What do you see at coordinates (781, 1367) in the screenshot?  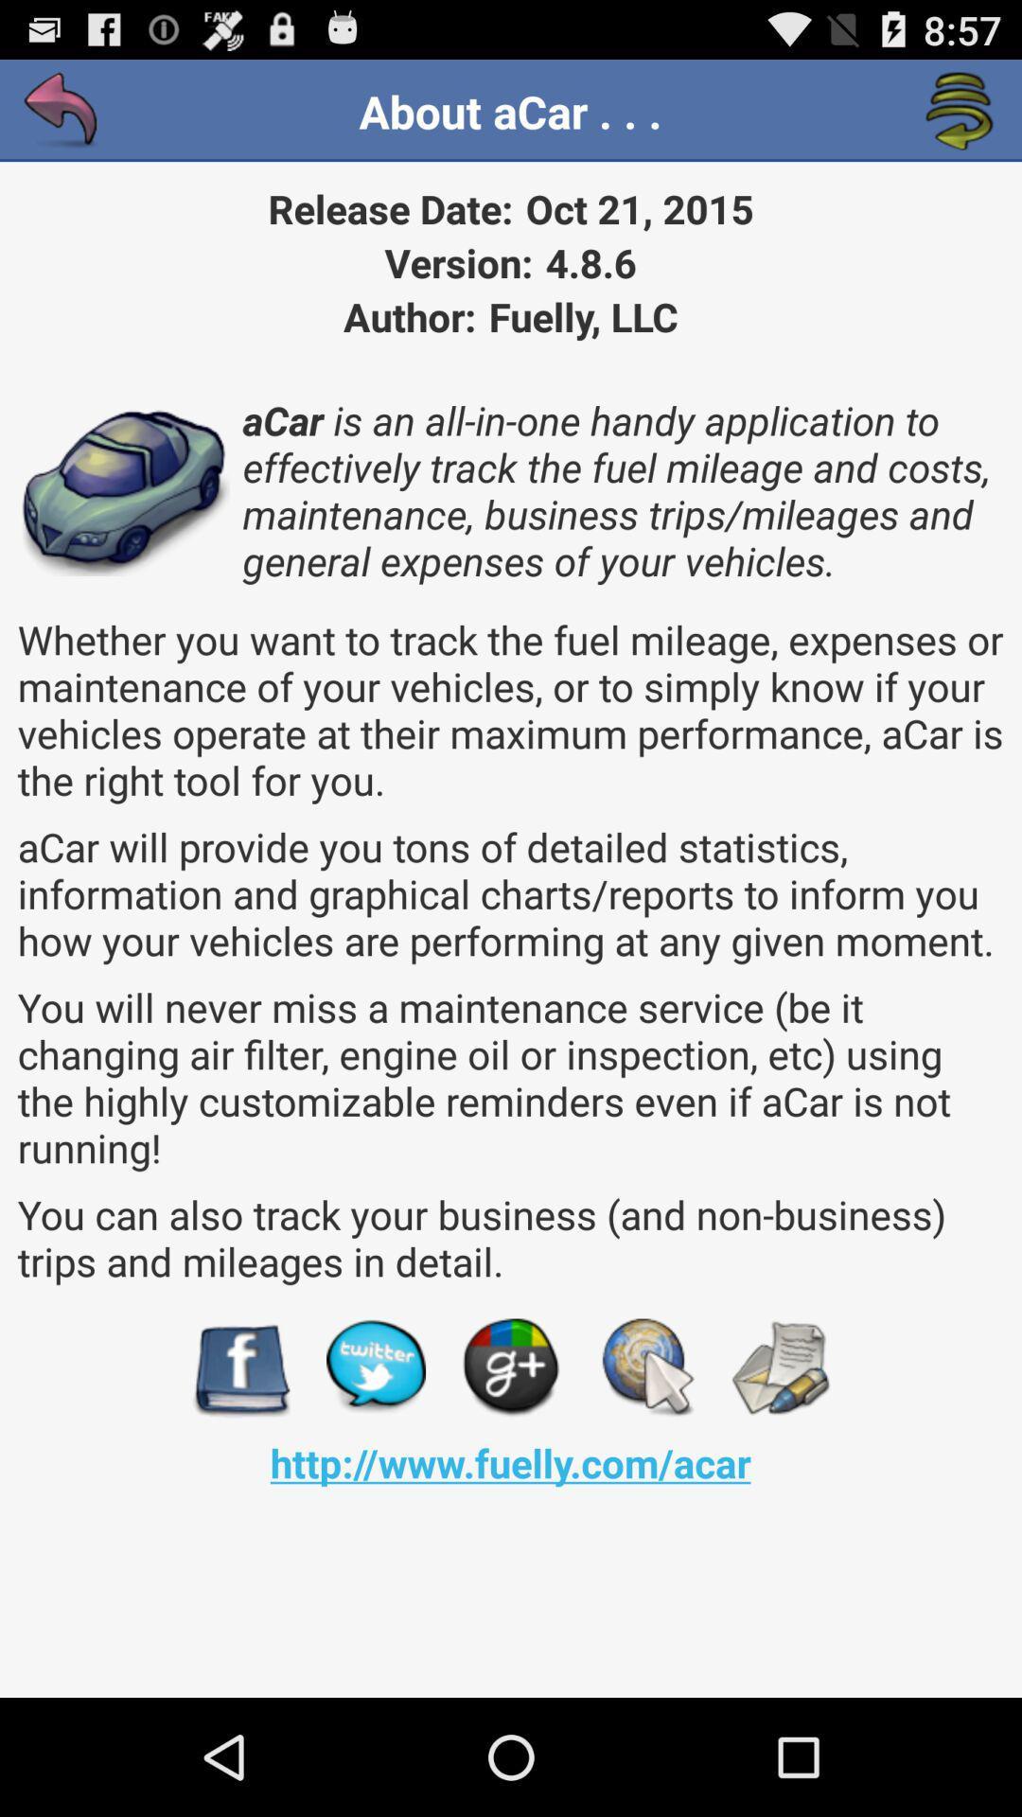 I see `email` at bounding box center [781, 1367].